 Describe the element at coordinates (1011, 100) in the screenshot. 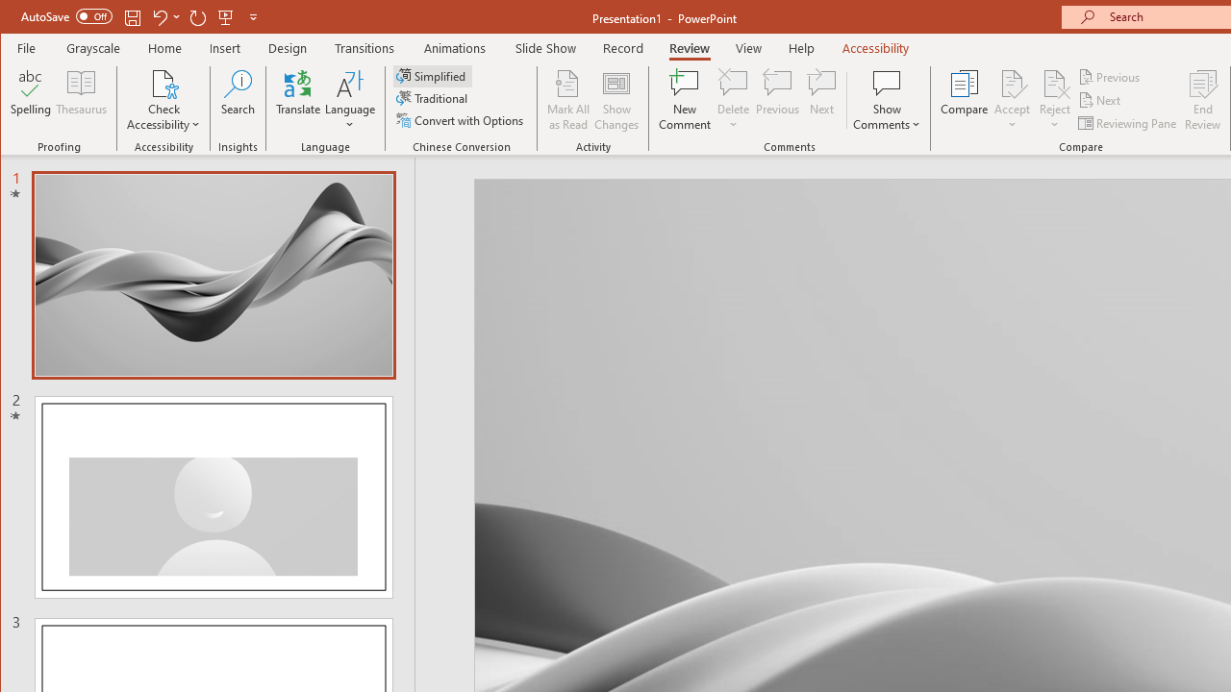

I see `'Accept'` at that location.